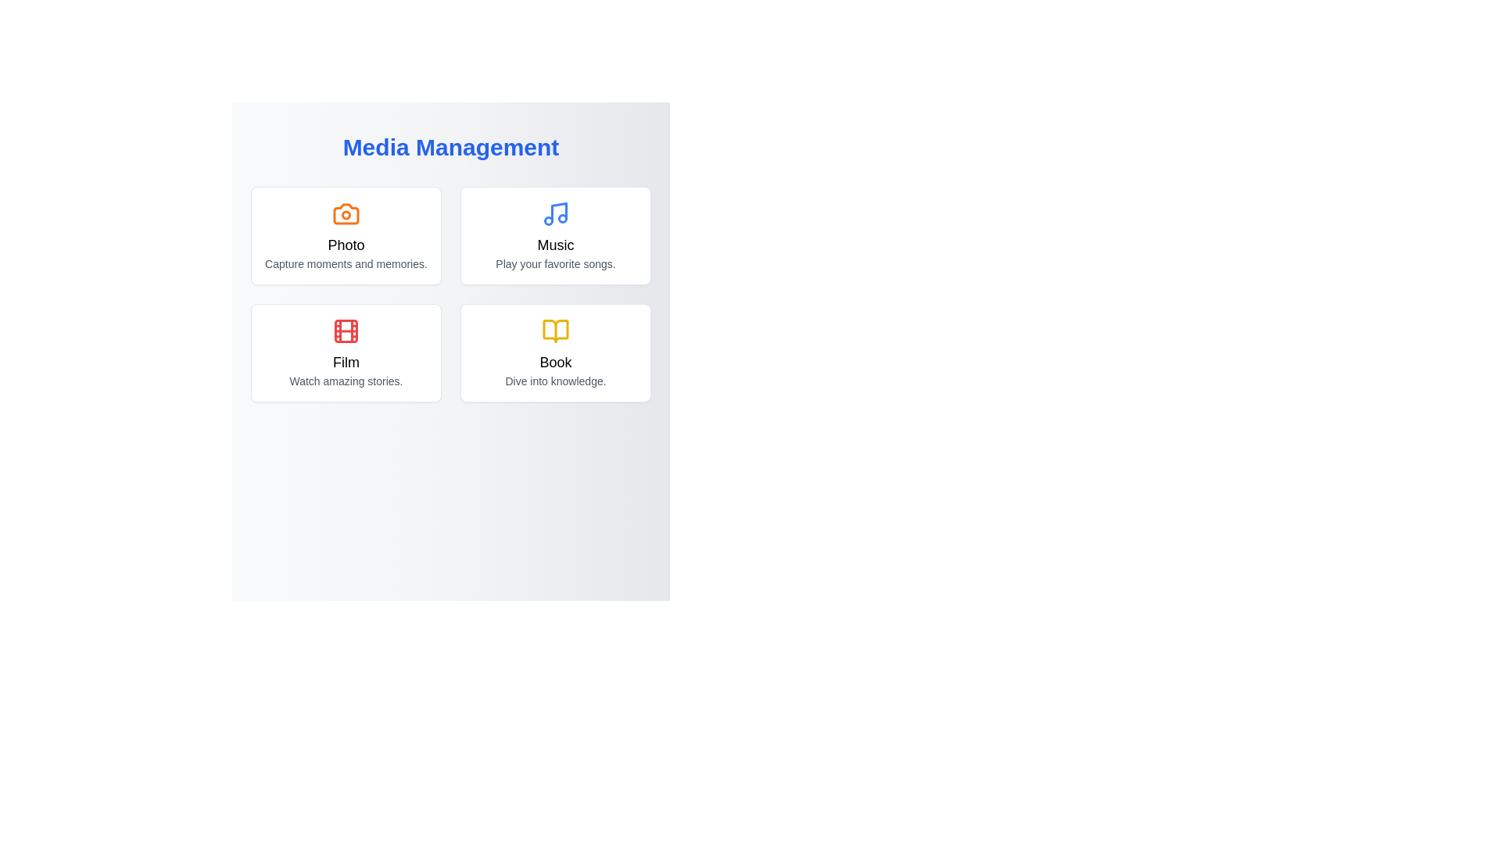 Image resolution: width=1501 pixels, height=844 pixels. What do you see at coordinates (555, 352) in the screenshot?
I see `the interactive card with icon and text description located in the lower-right interactive section under 'Media Management'` at bounding box center [555, 352].